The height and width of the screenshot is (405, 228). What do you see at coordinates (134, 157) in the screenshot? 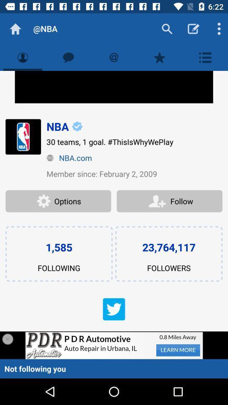
I see `nbacom` at bounding box center [134, 157].